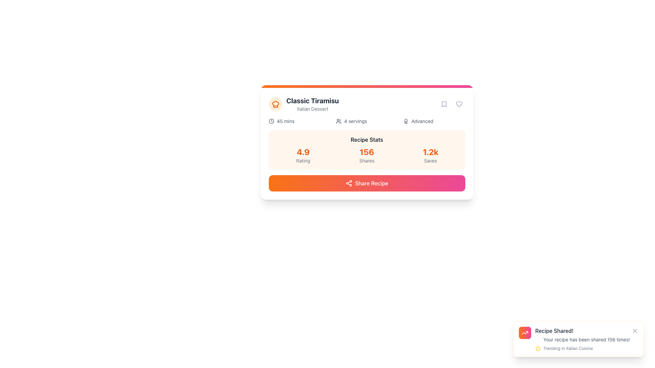  Describe the element at coordinates (366, 183) in the screenshot. I see `the 'Share Recipe' button with a gradient background transitioning from orange to pink, located at the bottom of the recipe card` at that location.